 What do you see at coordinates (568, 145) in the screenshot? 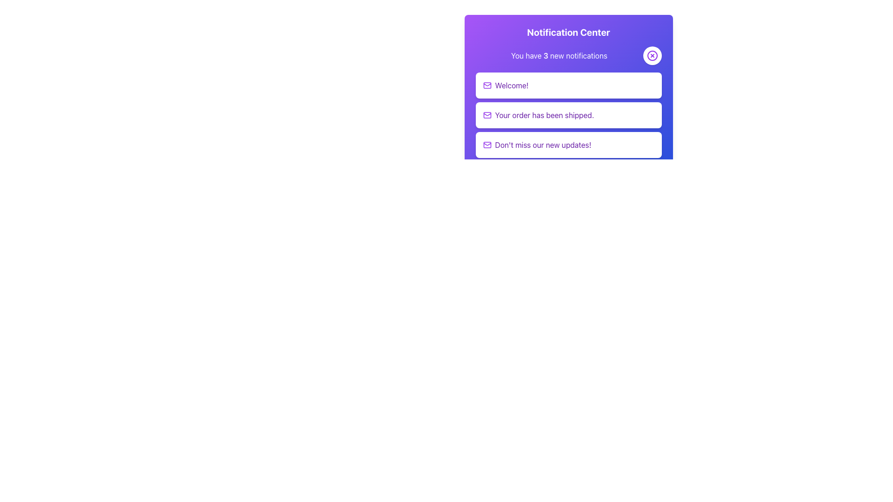
I see `notification card with the text "Don't miss our new updates!" located in the notification panel, which is the third card in the series of notifications` at bounding box center [568, 145].